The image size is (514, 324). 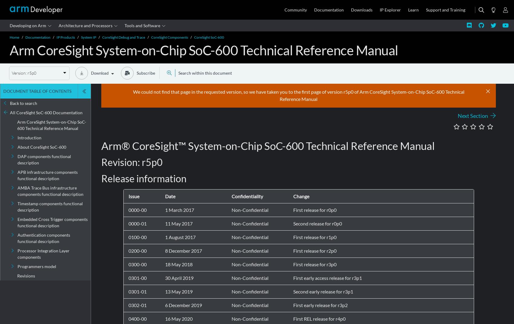 I want to click on '1 March 2017', so click(x=179, y=209).